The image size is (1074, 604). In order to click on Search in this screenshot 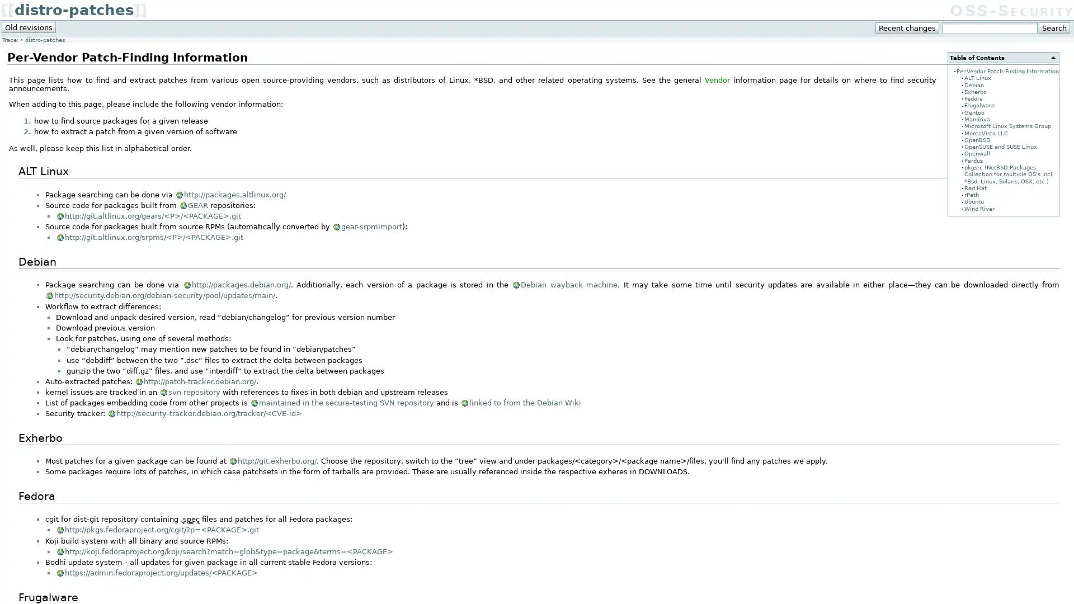, I will do `click(1053, 27)`.